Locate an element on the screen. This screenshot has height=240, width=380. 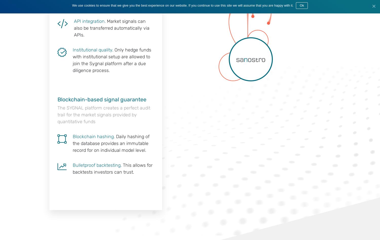
'Only hedge funds with institutional setup are allowed to join the Sygnal platform after a due diligence process.' is located at coordinates (112, 60).